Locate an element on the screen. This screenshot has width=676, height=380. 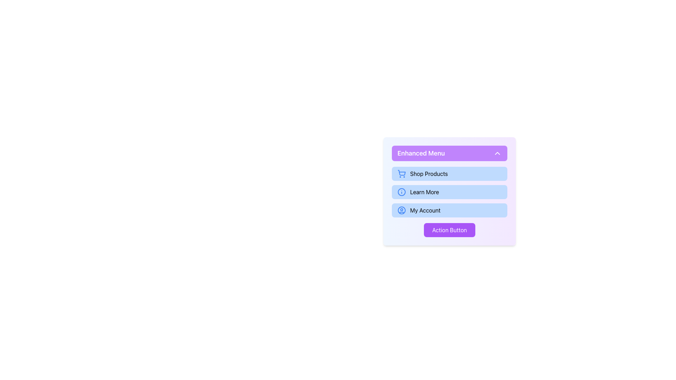
the circular user profile icon with a blue outline next to the text 'My Account' is located at coordinates (402, 210).